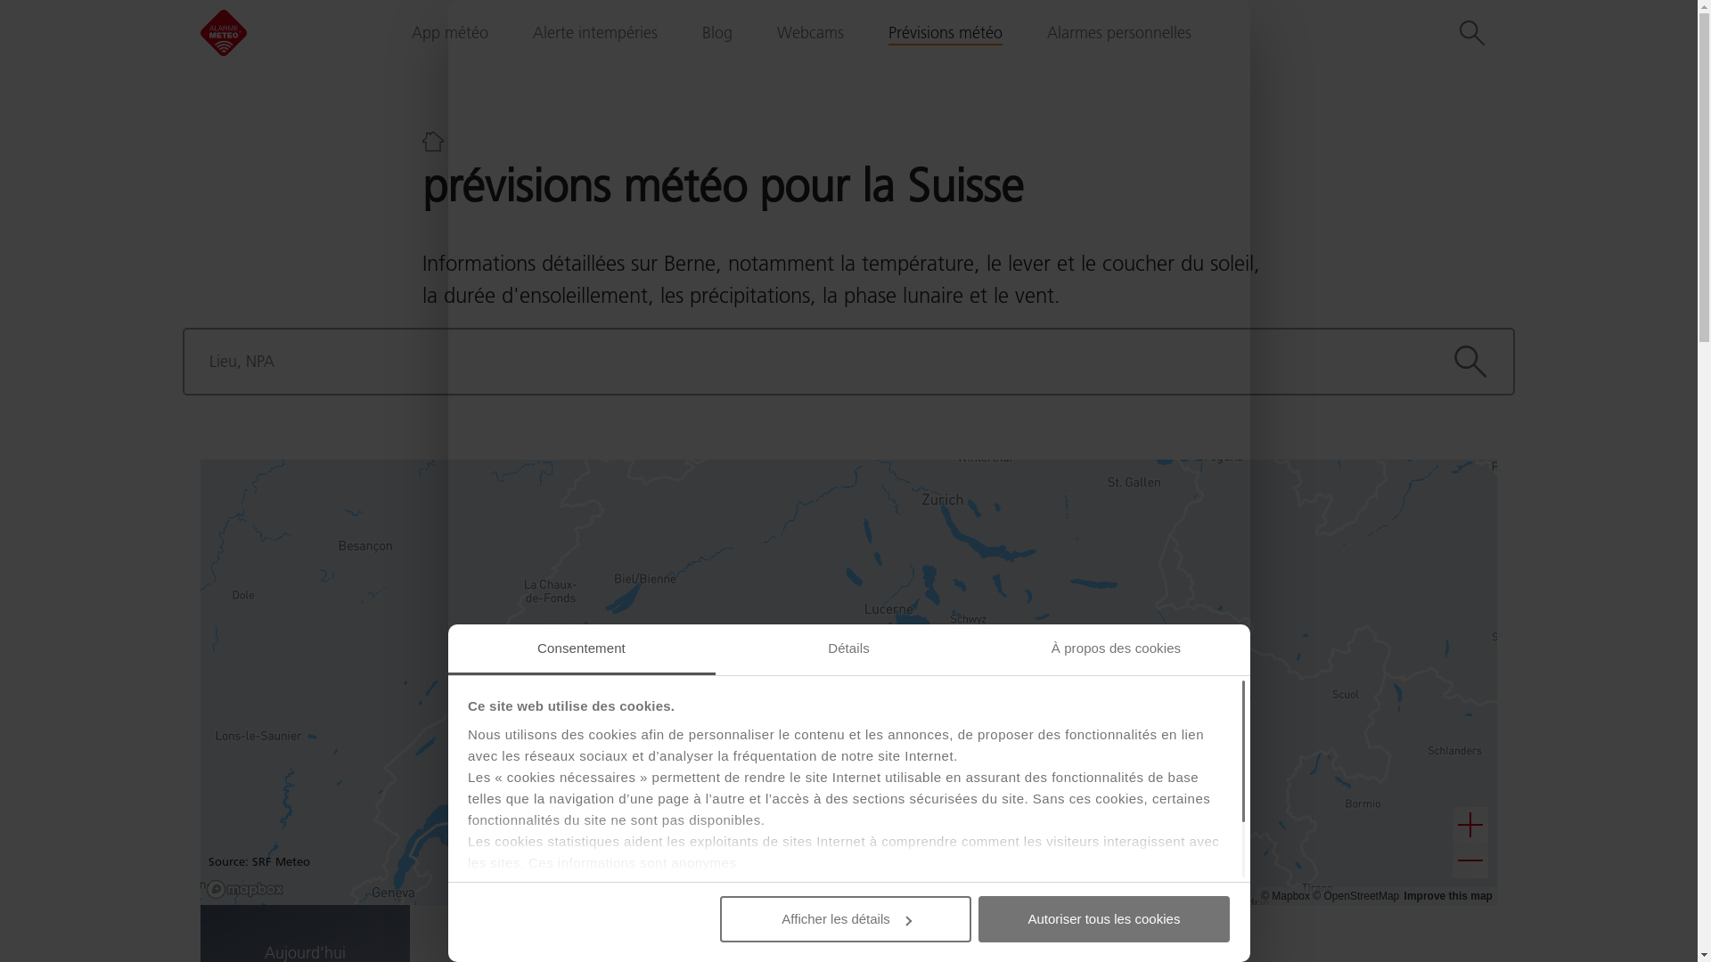 This screenshot has height=962, width=1711. I want to click on 'Zoom in', so click(1453, 824).